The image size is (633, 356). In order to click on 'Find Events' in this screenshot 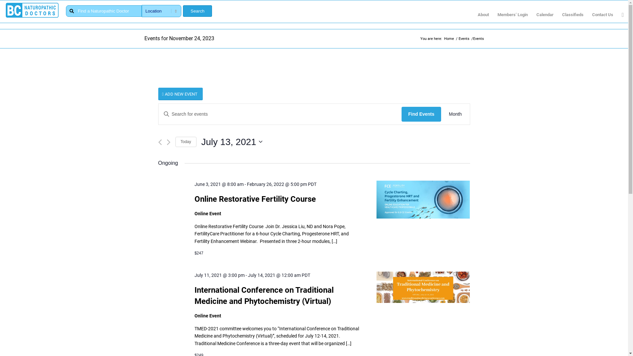, I will do `click(421, 114)`.